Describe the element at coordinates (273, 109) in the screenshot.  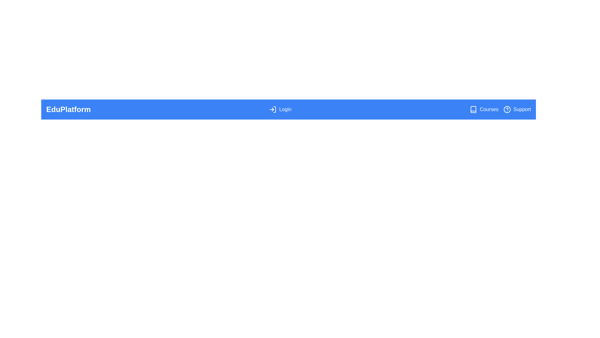
I see `the SVG arrow element within the 'Login' button located in the upper right section of the blue navigation bar` at that location.